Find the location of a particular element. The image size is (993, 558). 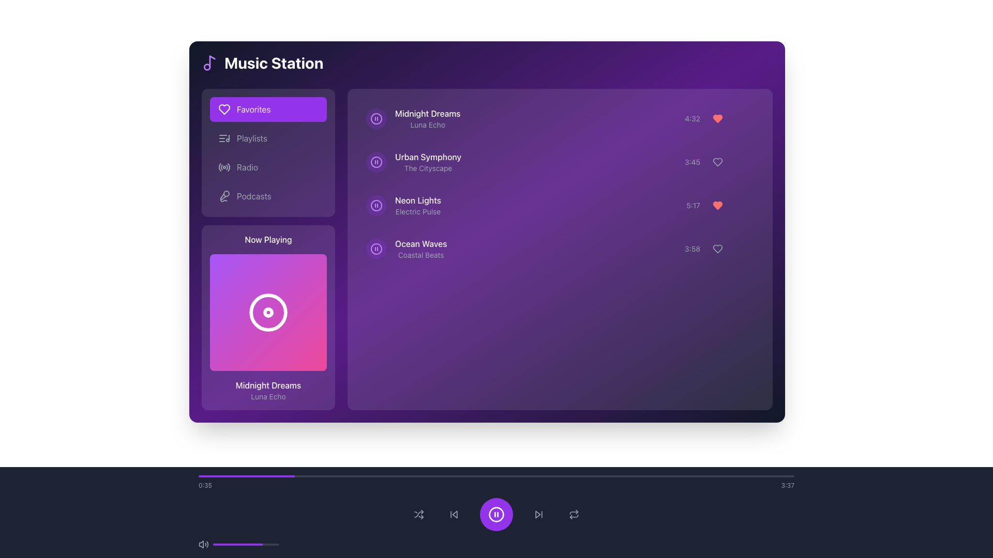

the heart-shaped icon styled with a simple line drawing in purple, located near the 'Favorites' label in the left sidebar is located at coordinates (223, 110).